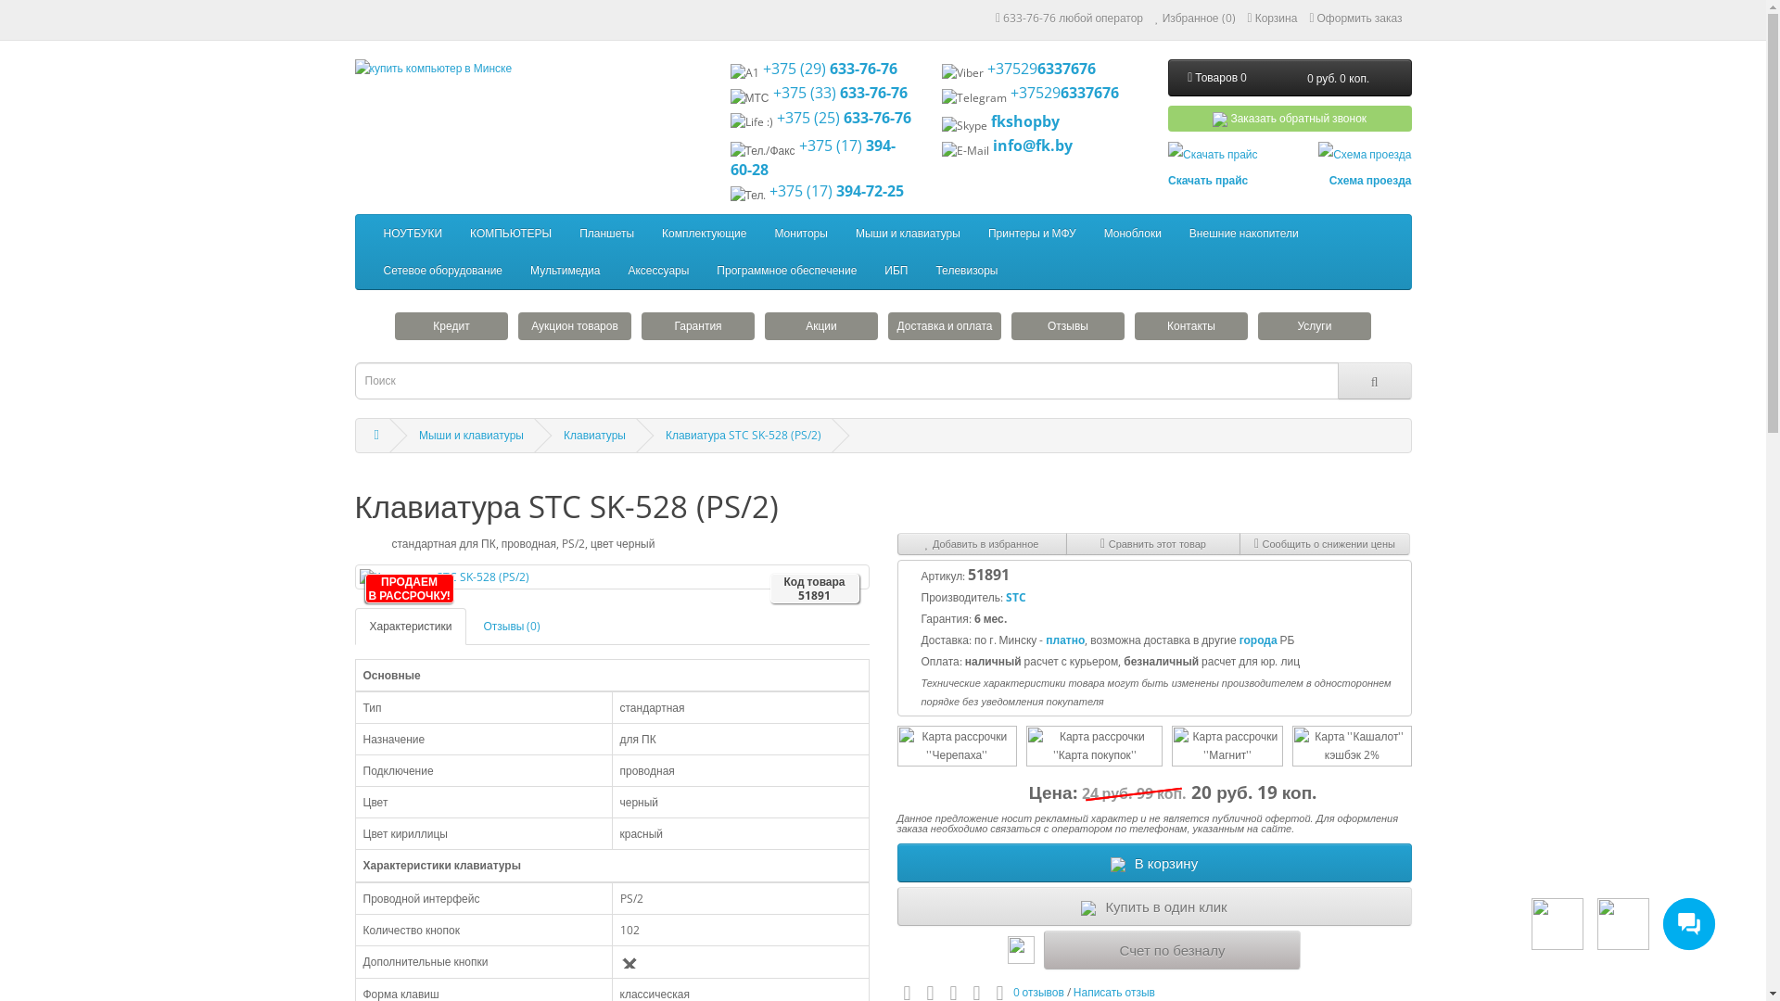 The height and width of the screenshot is (1001, 1780). Describe the element at coordinates (835, 190) in the screenshot. I see `'+375 (17) 394-72-25'` at that location.